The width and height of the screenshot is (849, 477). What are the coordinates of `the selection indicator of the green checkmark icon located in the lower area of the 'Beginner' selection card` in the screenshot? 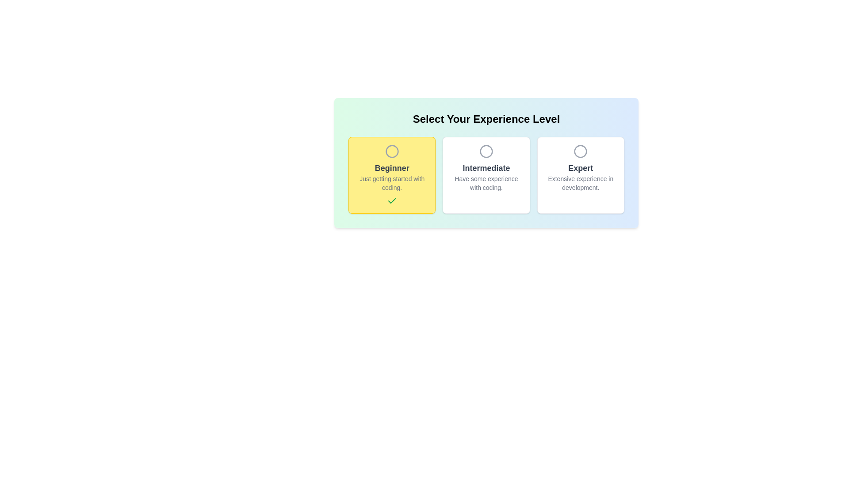 It's located at (391, 201).